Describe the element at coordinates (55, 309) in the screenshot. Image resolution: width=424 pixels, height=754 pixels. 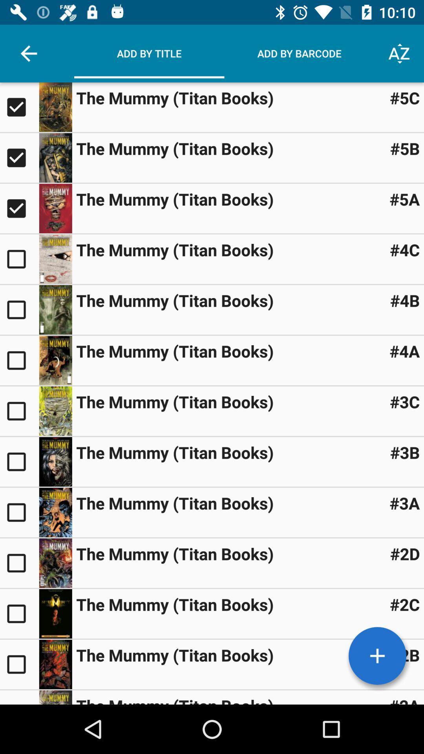
I see `image to enlarge` at that location.